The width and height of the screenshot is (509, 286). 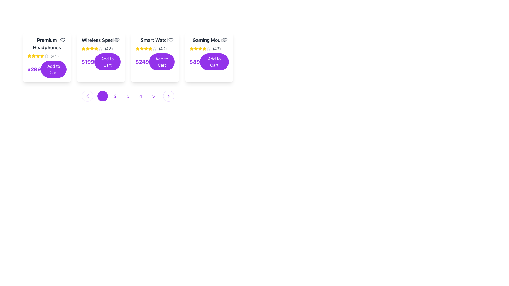 I want to click on the second yellow star icon, so click(x=88, y=48).